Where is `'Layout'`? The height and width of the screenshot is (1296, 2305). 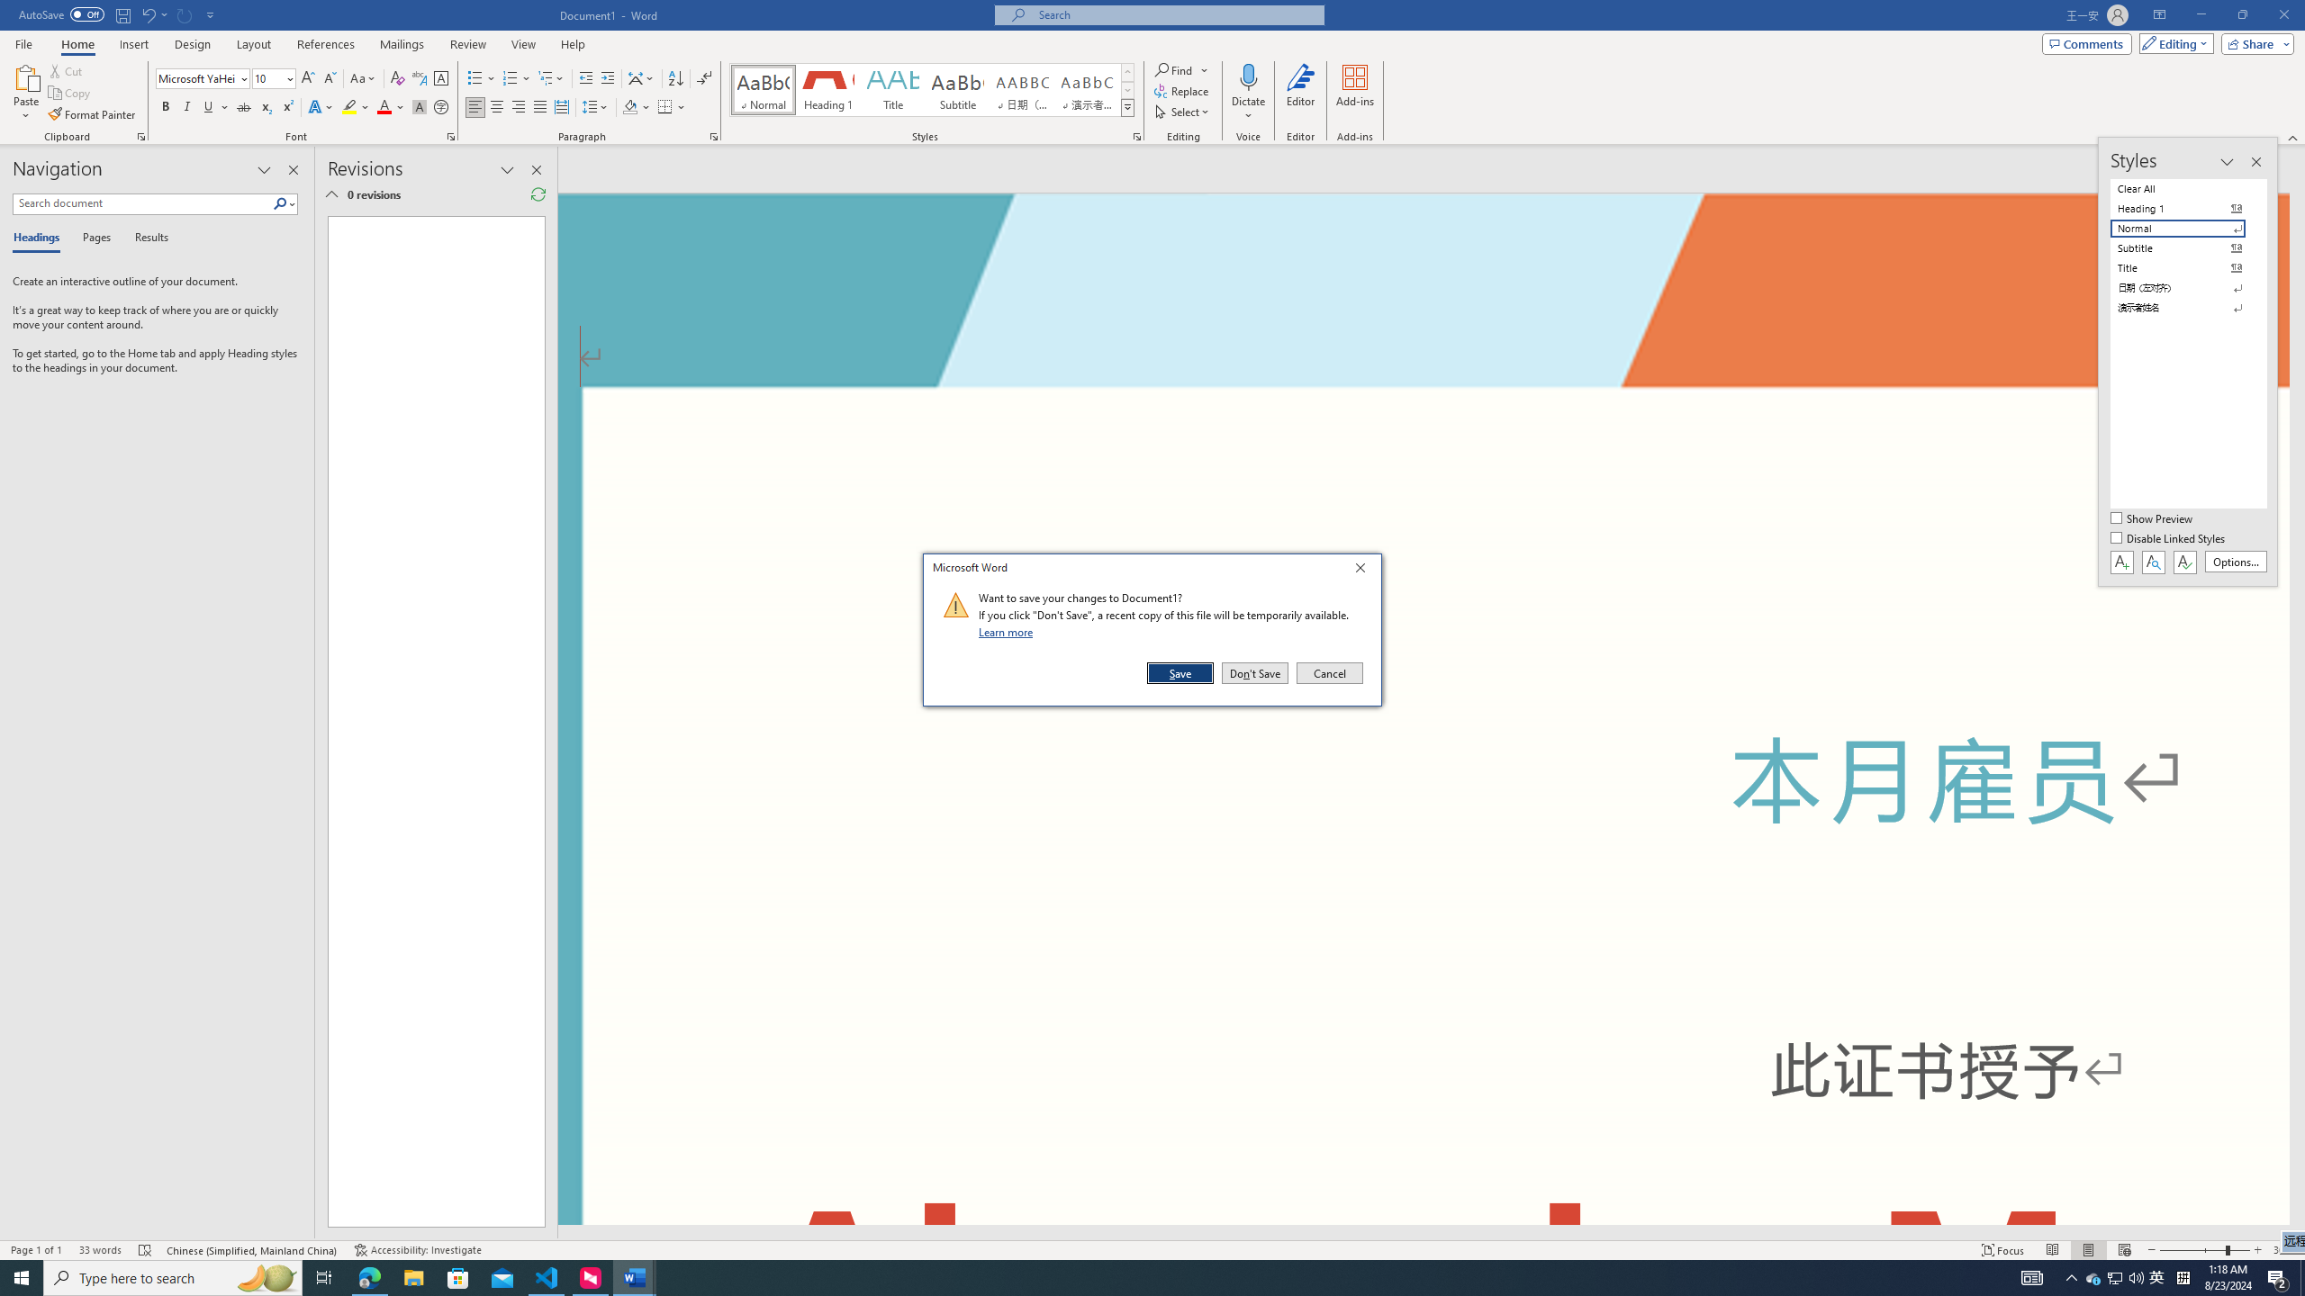
'Layout' is located at coordinates (253, 44).